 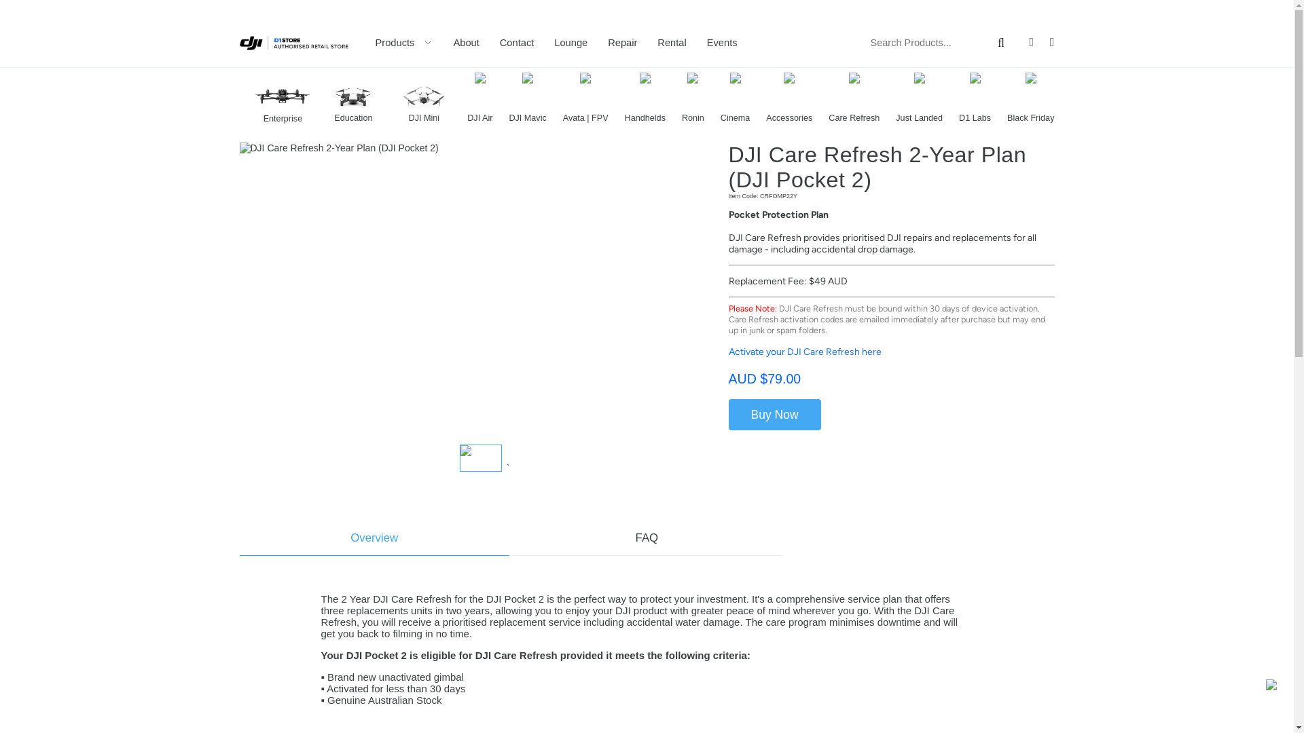 I want to click on 'Buy Now', so click(x=774, y=413).